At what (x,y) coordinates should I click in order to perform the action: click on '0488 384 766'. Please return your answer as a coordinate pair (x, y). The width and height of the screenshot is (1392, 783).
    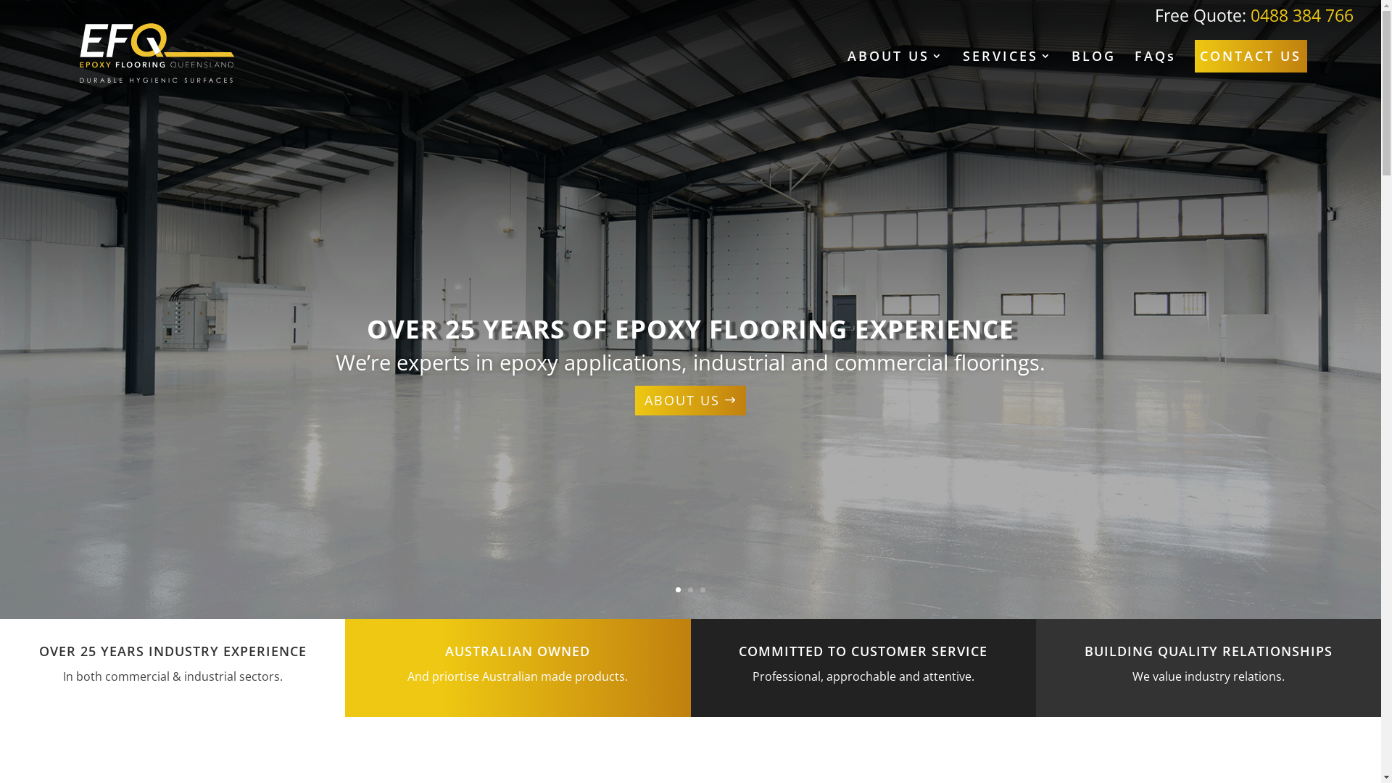
    Looking at the image, I should click on (1301, 14).